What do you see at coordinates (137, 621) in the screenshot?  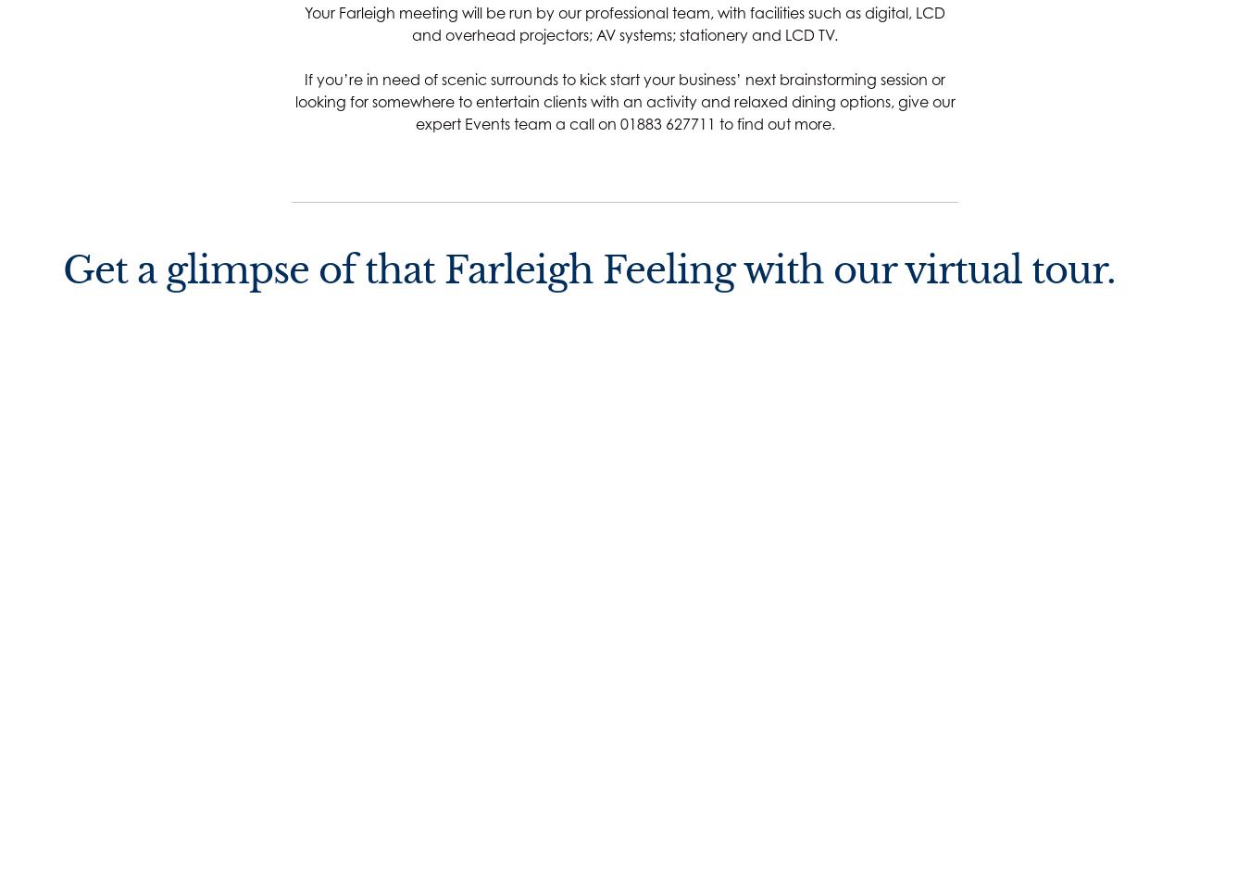 I see `'OId Farleigh Road, Warlingham, Surrey CR6 9PE'` at bounding box center [137, 621].